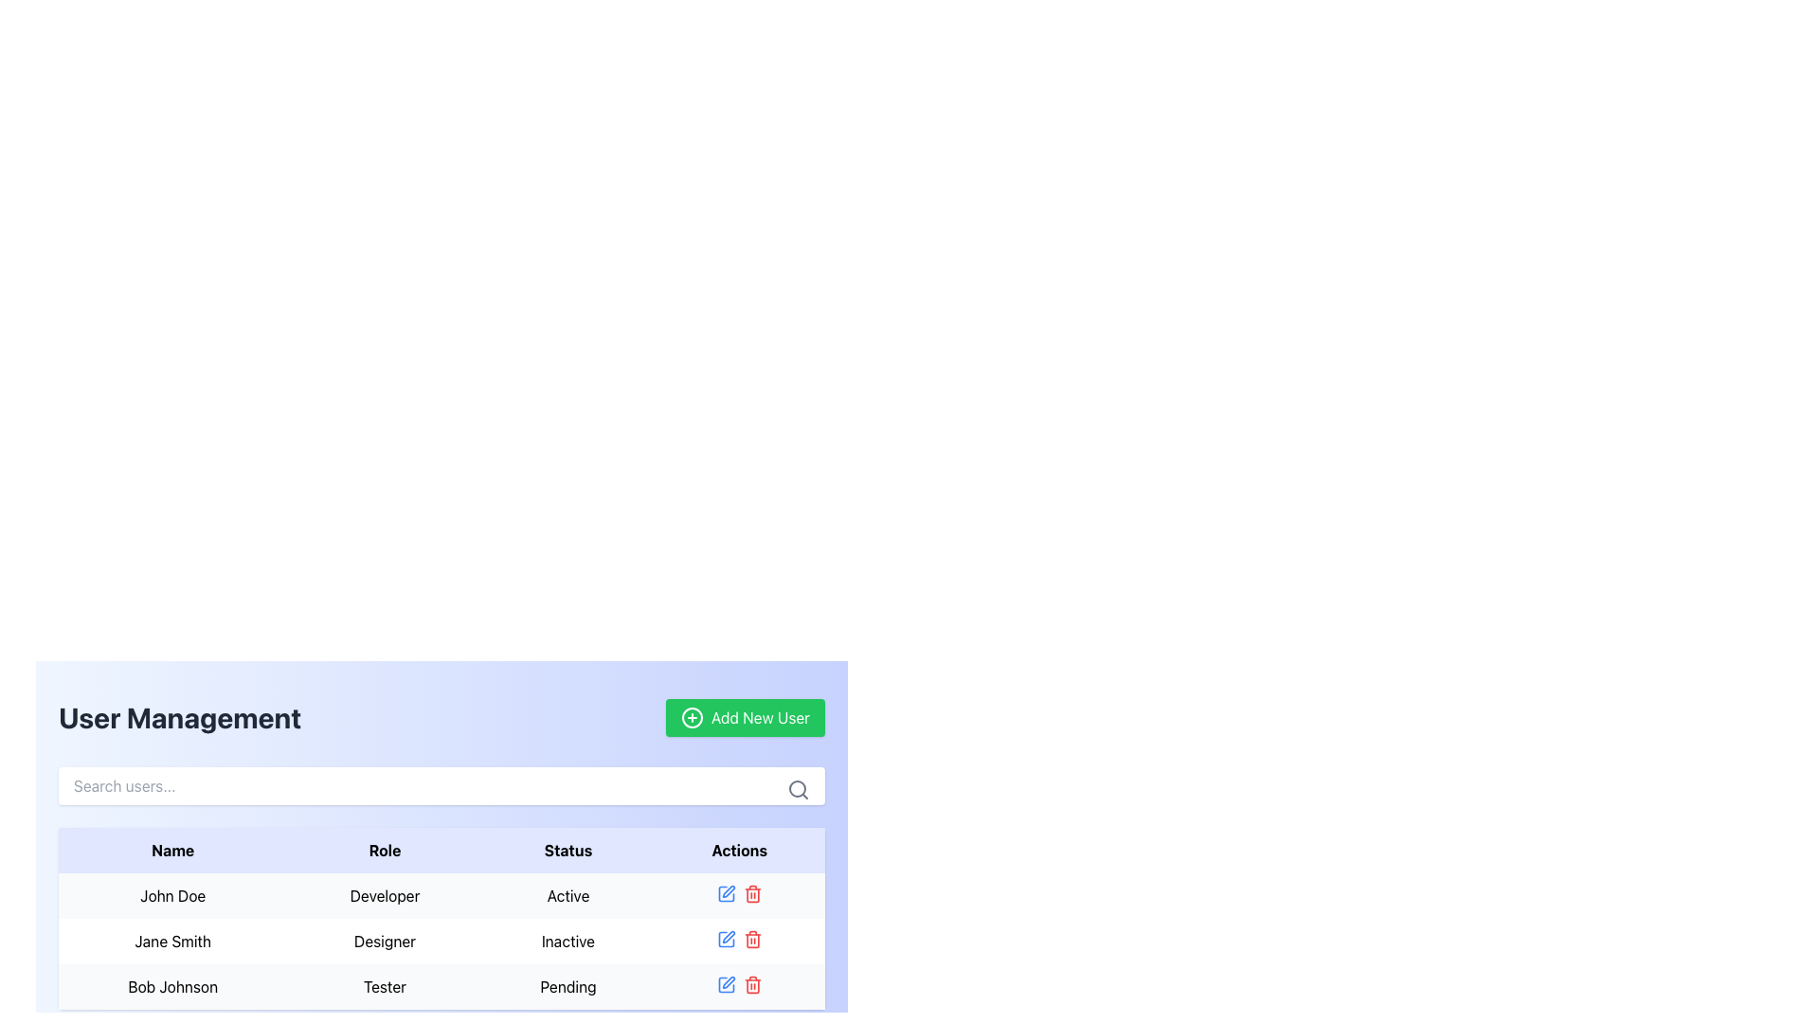 The image size is (1819, 1023). Describe the element at coordinates (725, 939) in the screenshot. I see `the square-shaped icon with rounded corners styled as an outline, located in the 'Actions' column corresponding to 'Jane Smith' in the second row` at that location.